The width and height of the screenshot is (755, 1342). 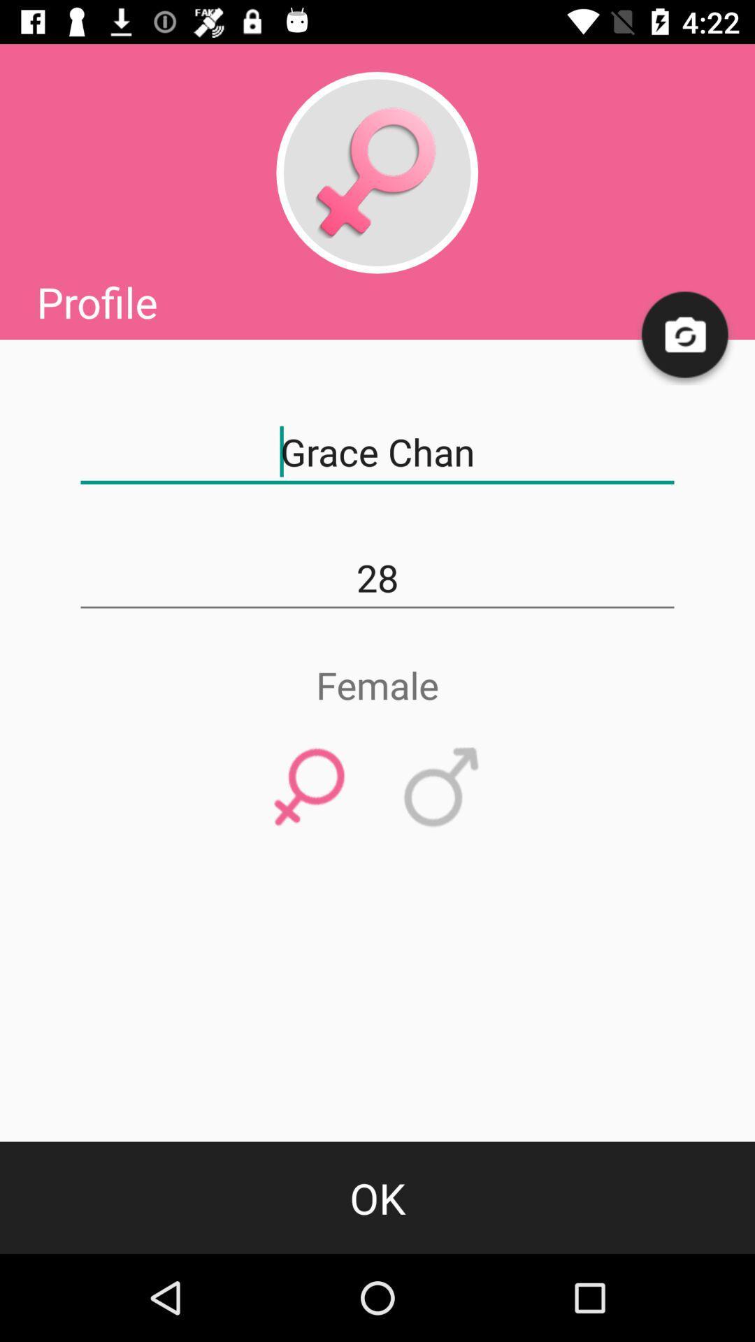 What do you see at coordinates (685, 335) in the screenshot?
I see `rotate photo` at bounding box center [685, 335].